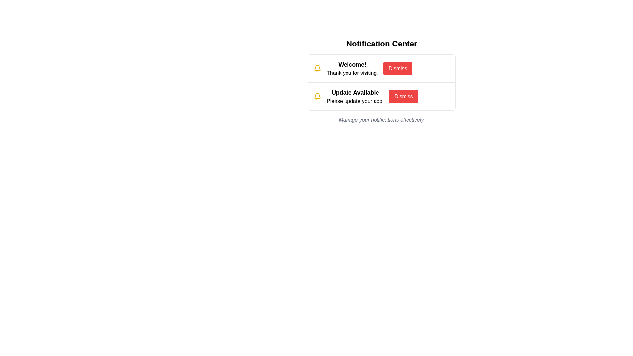 The width and height of the screenshot is (633, 356). Describe the element at coordinates (381, 44) in the screenshot. I see `the bold title text 'Notification Center', which is prominently displayed at the top of the notification center` at that location.